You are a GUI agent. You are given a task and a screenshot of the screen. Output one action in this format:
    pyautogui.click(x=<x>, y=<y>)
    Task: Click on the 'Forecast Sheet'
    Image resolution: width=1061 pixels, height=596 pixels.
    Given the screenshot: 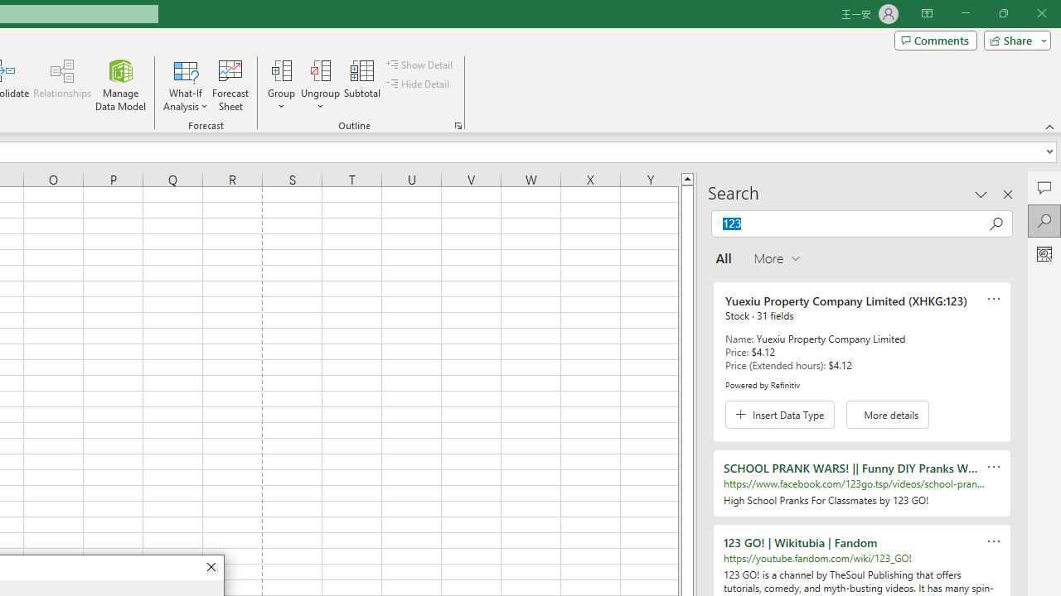 What is the action you would take?
    pyautogui.click(x=230, y=85)
    